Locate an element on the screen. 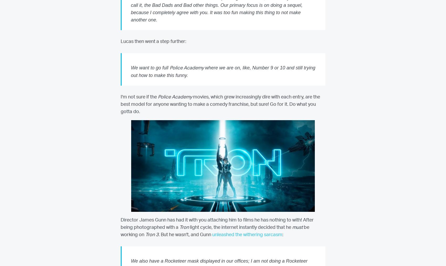  'be working on' is located at coordinates (215, 231).